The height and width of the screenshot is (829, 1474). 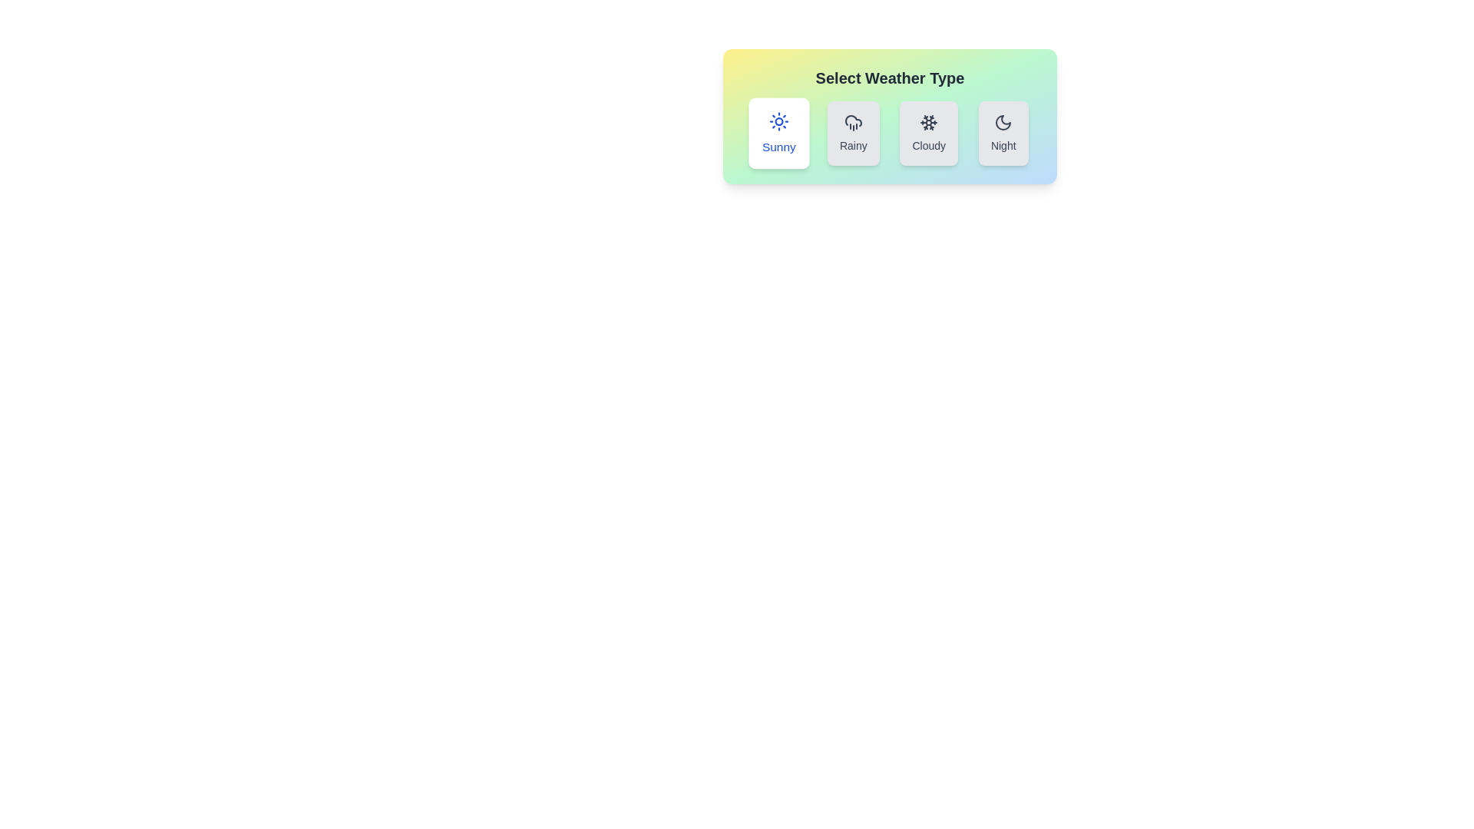 I want to click on the button corresponding to Cloudy, so click(x=928, y=132).